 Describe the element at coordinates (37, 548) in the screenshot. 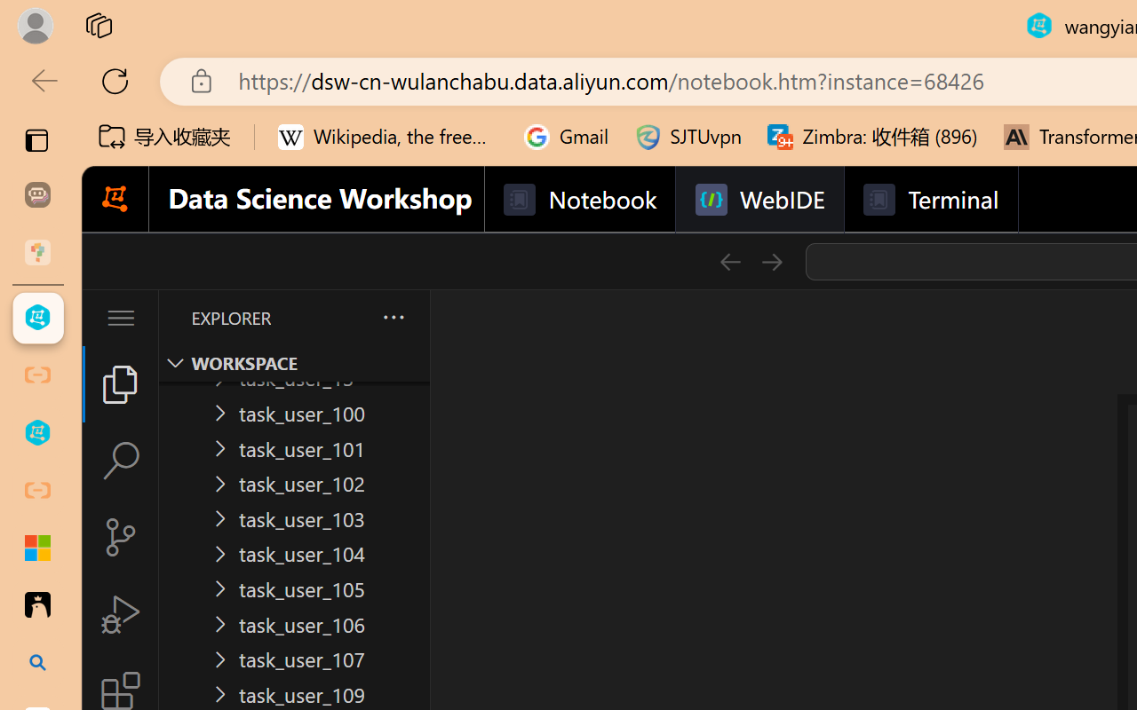

I see `'Adjust indents and spacing - Microsoft Support'` at that location.